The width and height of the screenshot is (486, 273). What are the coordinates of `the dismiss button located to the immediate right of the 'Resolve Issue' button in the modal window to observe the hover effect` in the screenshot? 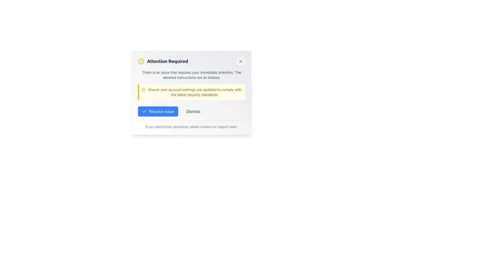 It's located at (193, 111).